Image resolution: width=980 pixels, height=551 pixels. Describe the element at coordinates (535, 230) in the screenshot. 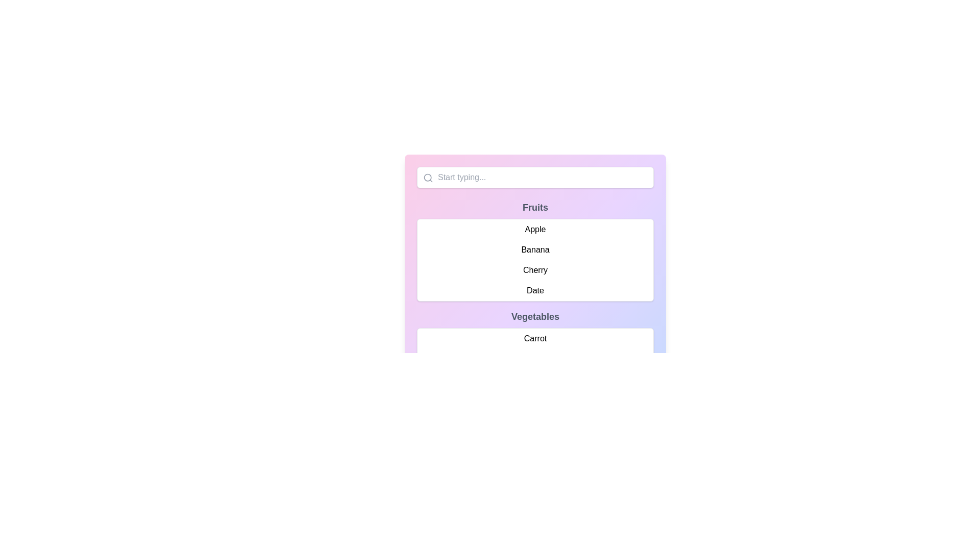

I see `the static text label displaying 'Apple', which is the first item in the 'Fruits' list` at that location.